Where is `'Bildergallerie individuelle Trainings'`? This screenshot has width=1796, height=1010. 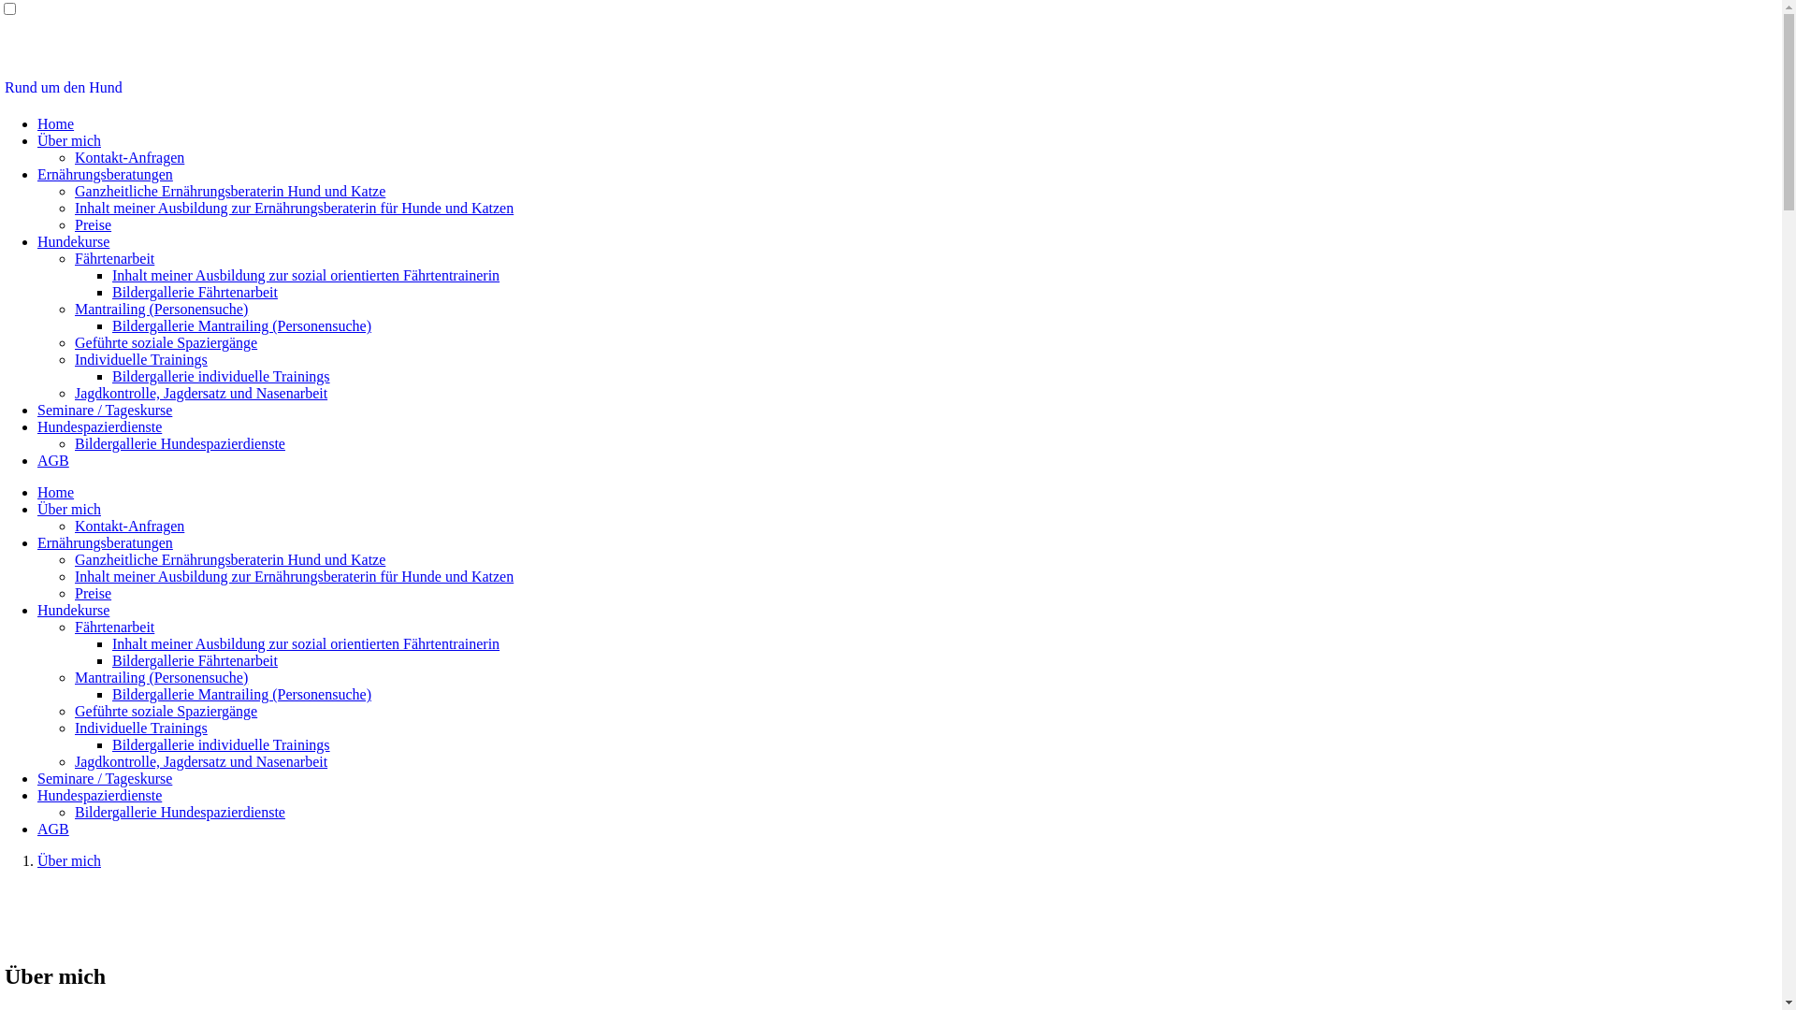
'Bildergallerie individuelle Trainings' is located at coordinates (111, 743).